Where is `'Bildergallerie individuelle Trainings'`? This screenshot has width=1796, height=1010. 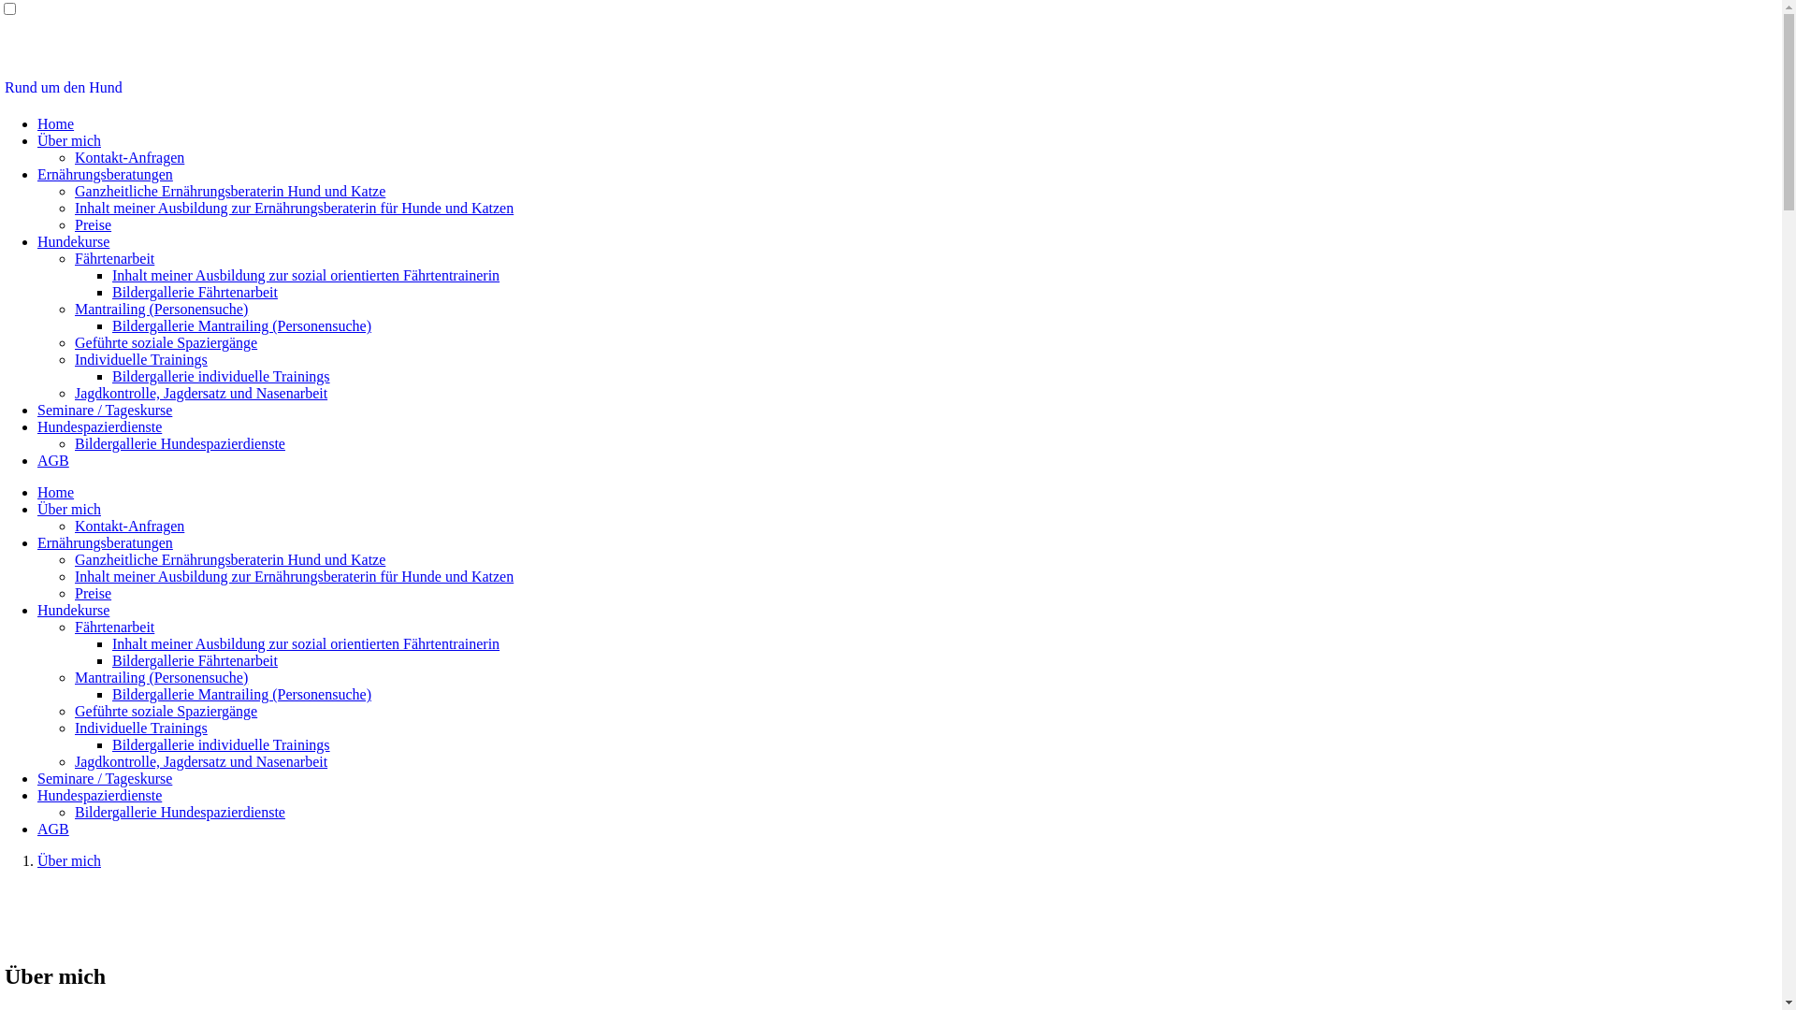
'Bildergallerie individuelle Trainings' is located at coordinates (111, 743).